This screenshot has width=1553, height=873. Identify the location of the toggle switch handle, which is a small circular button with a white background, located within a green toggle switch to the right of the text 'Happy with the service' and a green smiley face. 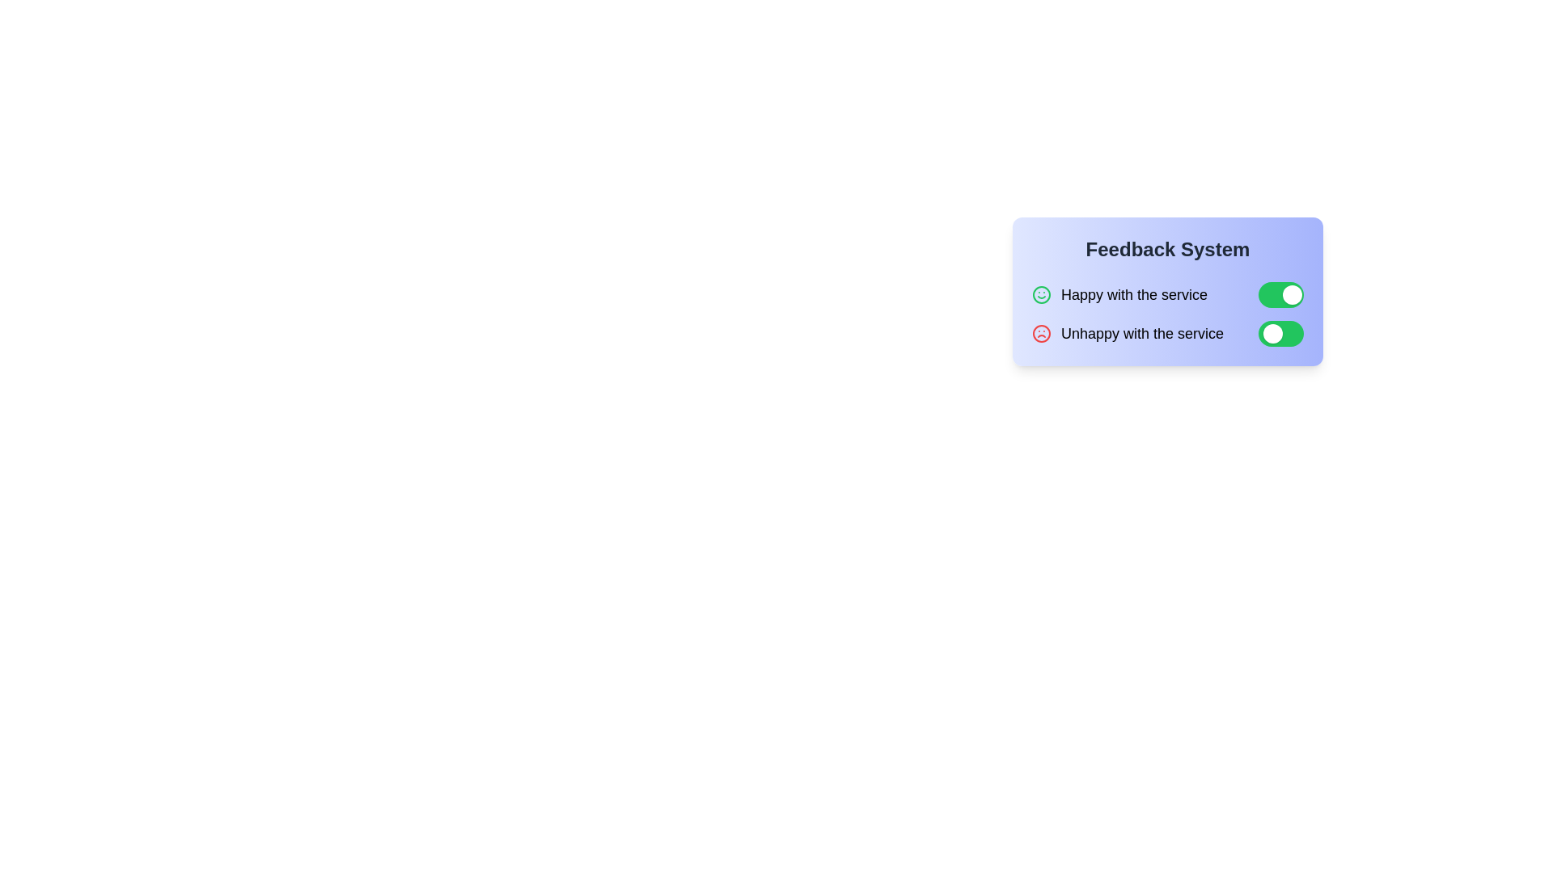
(1292, 295).